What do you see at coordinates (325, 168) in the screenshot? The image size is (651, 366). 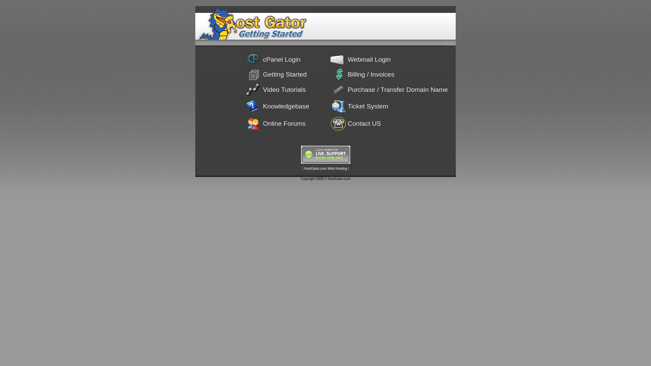 I see `'HostGator.com Web Hosting'` at bounding box center [325, 168].